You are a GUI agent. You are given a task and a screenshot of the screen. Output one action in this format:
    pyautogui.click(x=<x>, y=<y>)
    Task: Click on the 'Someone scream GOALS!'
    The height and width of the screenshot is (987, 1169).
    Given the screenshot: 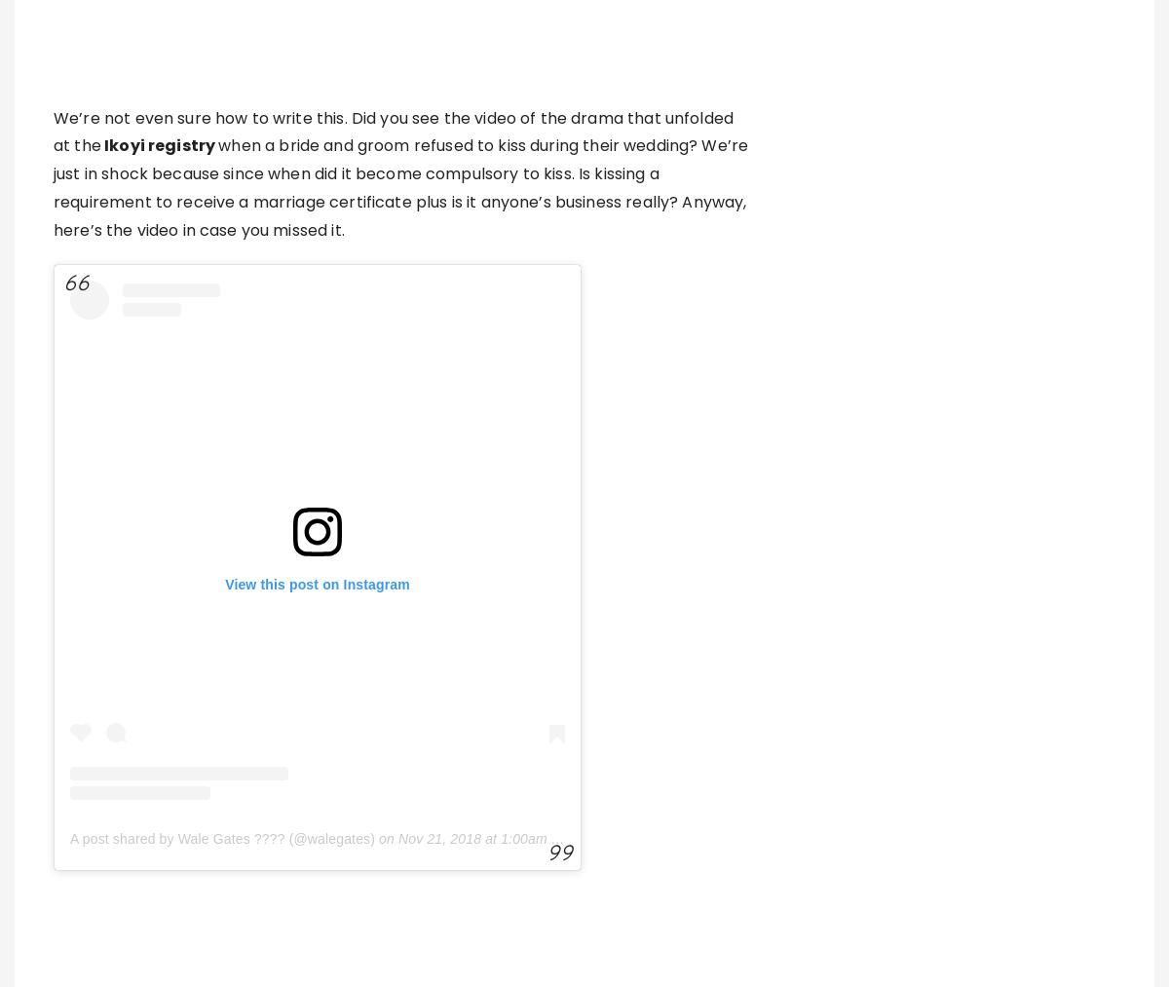 What is the action you would take?
    pyautogui.click(x=53, y=883)
    